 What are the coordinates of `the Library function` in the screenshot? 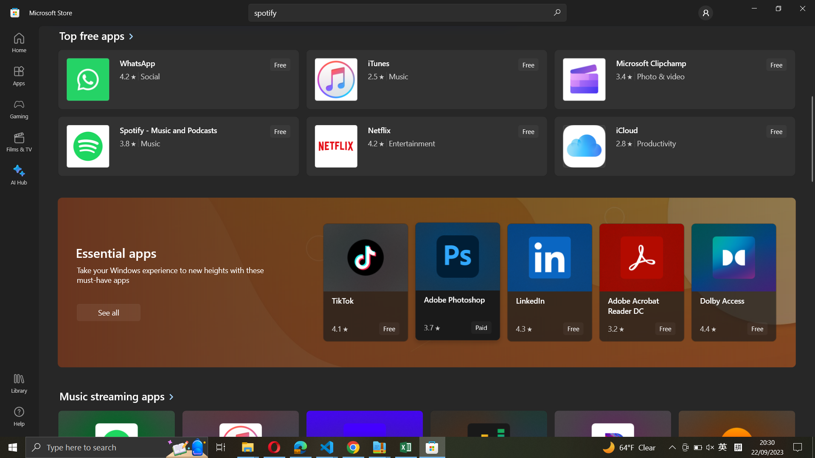 It's located at (18, 384).